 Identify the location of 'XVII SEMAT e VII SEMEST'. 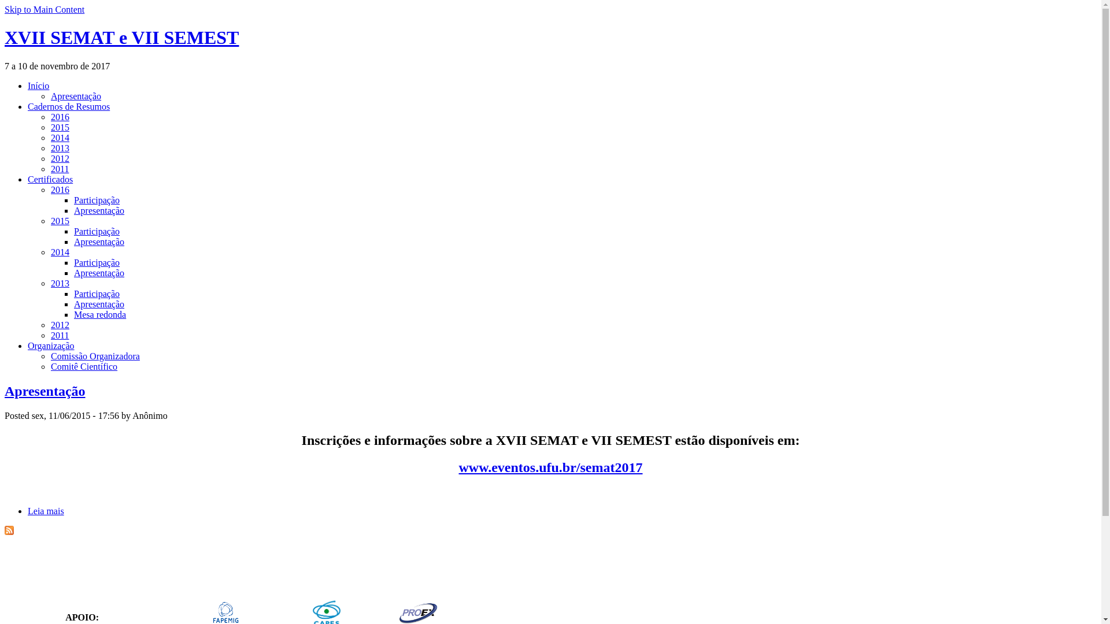
(121, 37).